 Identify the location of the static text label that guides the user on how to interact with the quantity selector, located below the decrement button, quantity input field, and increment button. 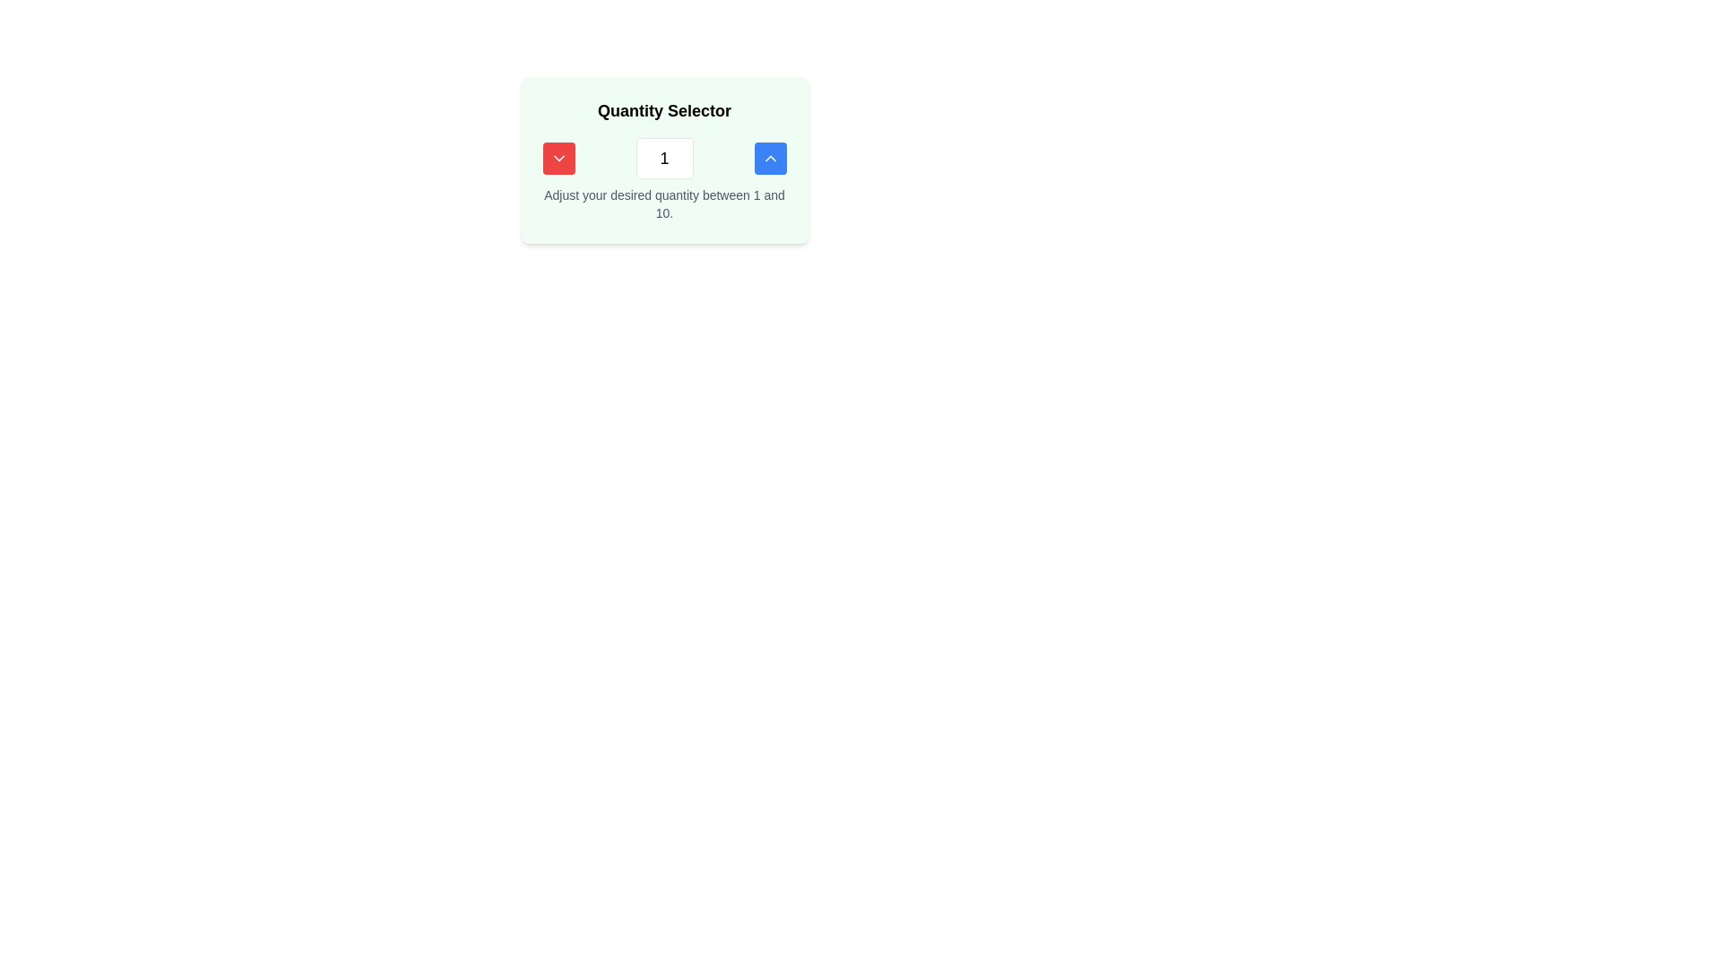
(663, 203).